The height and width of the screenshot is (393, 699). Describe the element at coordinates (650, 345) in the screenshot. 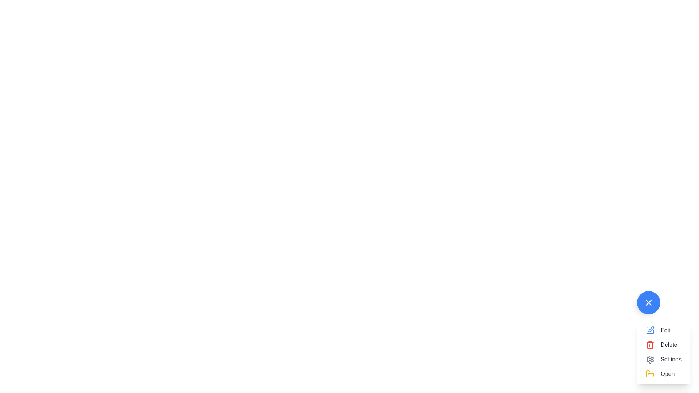

I see `the red trash can icon located in the floating action menu` at that location.